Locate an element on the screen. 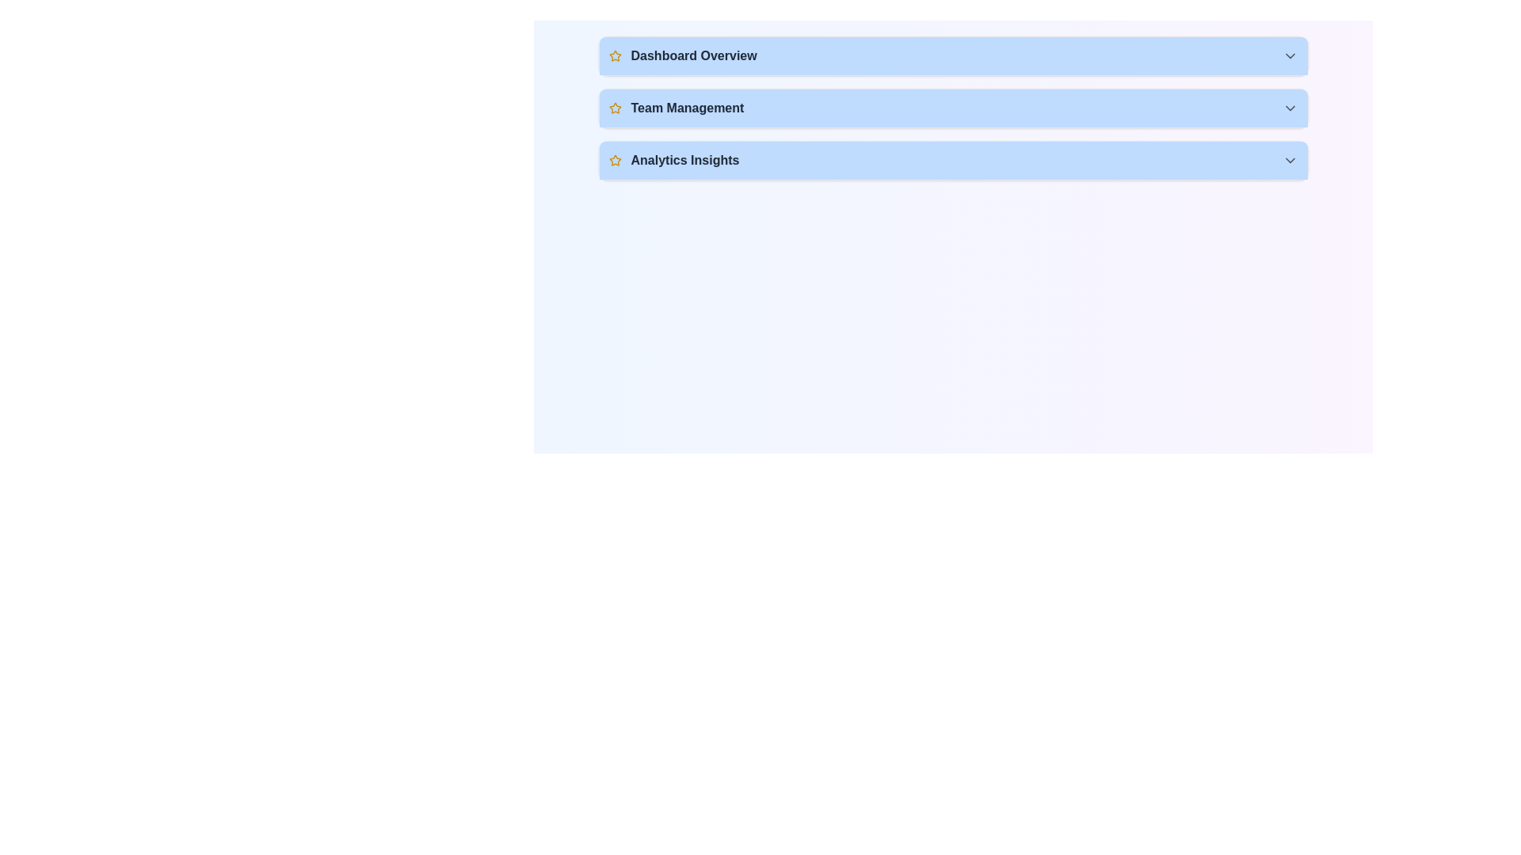 The width and height of the screenshot is (1521, 855). the yellow five-pointed star icon with a hollow center, located to the left of 'Dashboard Overview' in the topmost row of the list is located at coordinates (614, 55).